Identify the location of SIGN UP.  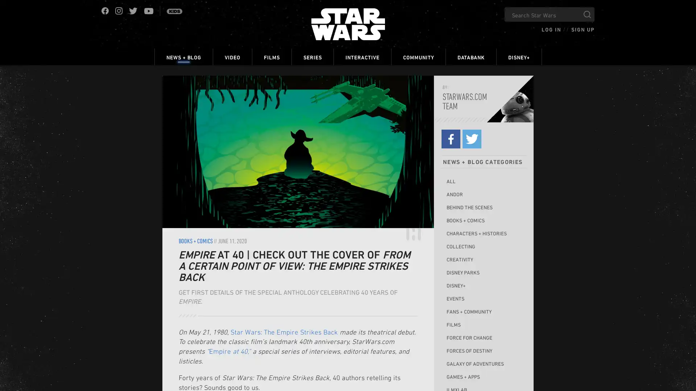
(583, 29).